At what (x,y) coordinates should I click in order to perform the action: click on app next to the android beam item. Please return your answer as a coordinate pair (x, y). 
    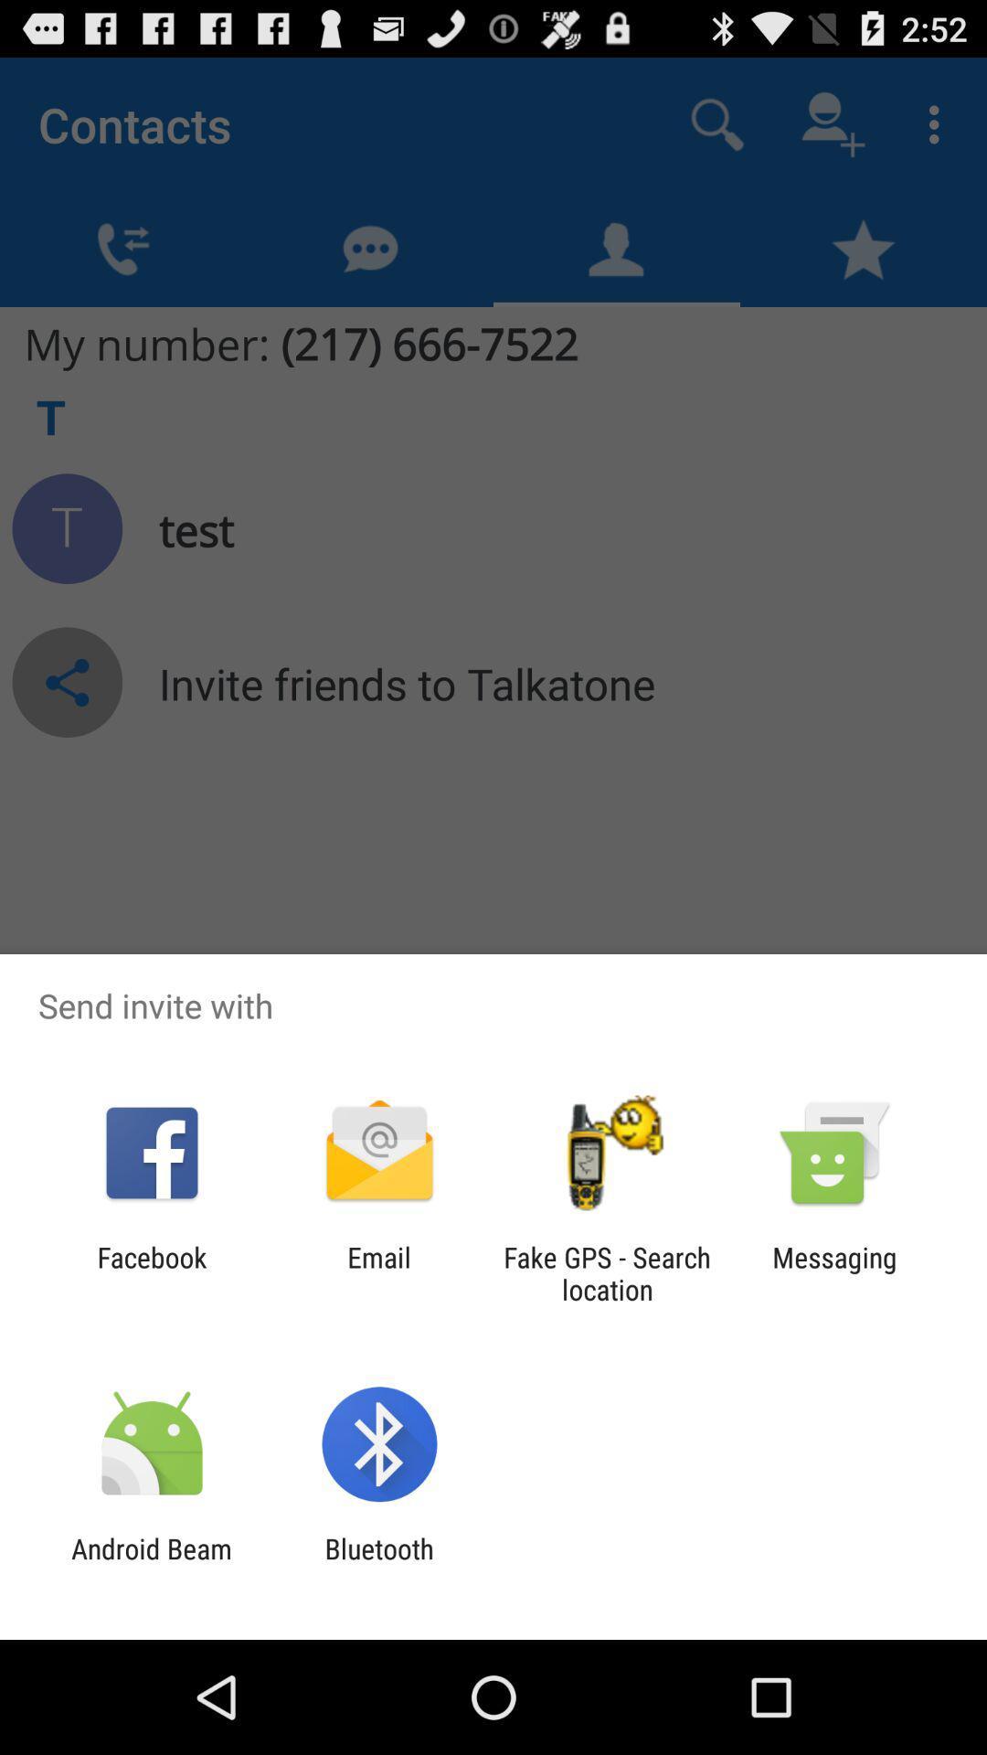
    Looking at the image, I should click on (378, 1564).